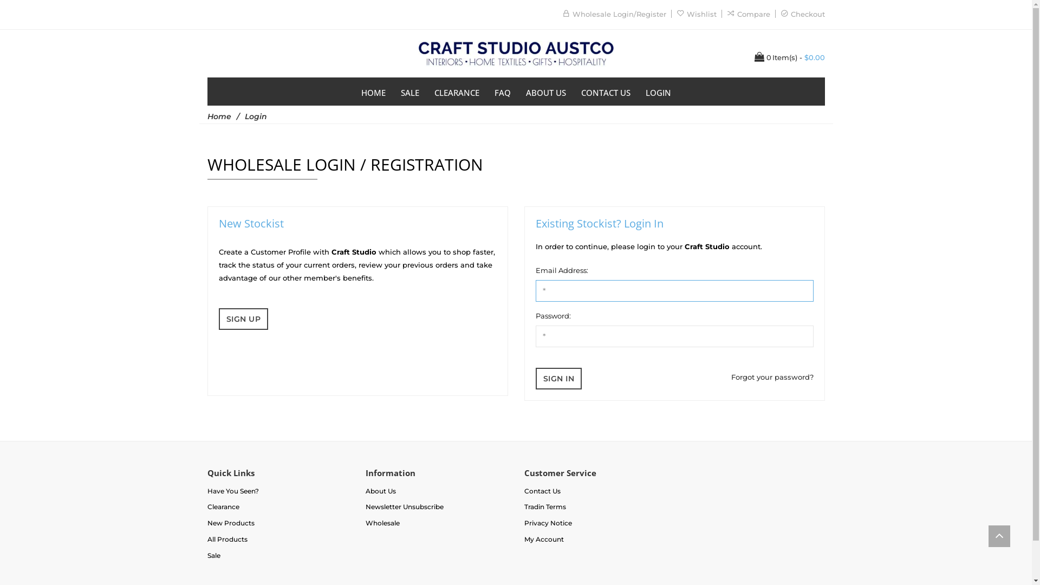  Describe the element at coordinates (771, 376) in the screenshot. I see `'Forgot your password?'` at that location.